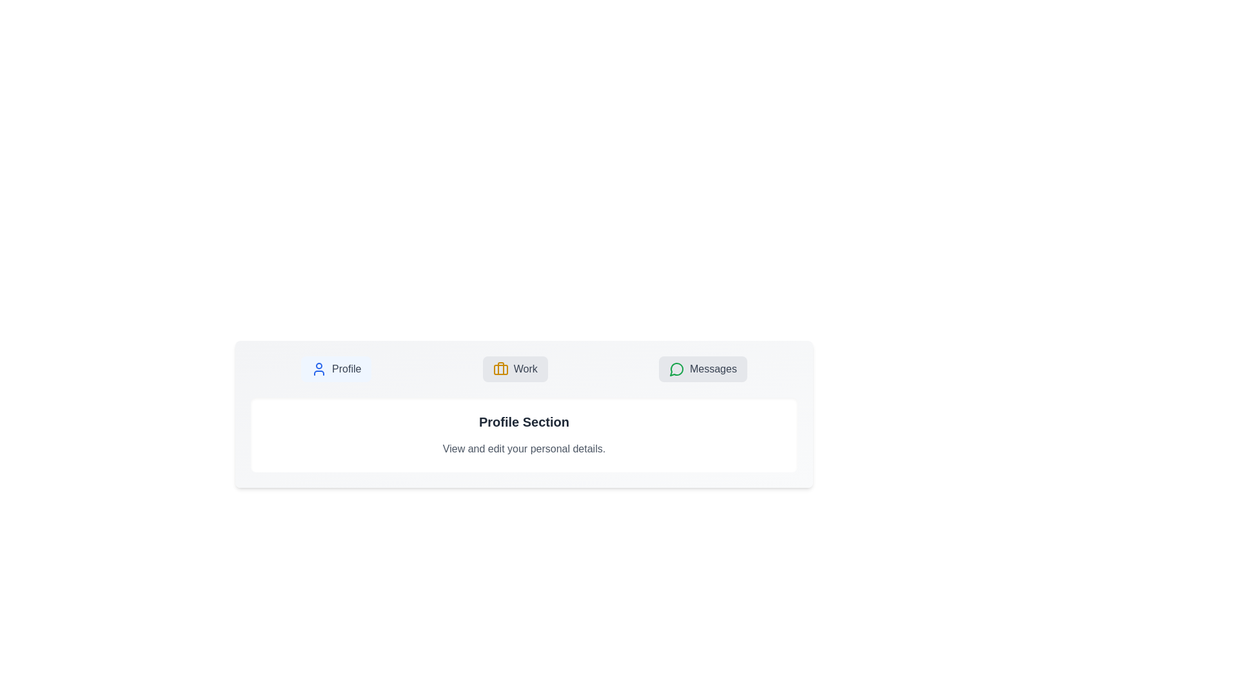 The height and width of the screenshot is (696, 1238). What do you see at coordinates (336, 369) in the screenshot?
I see `the Profile button to display its associated content` at bounding box center [336, 369].